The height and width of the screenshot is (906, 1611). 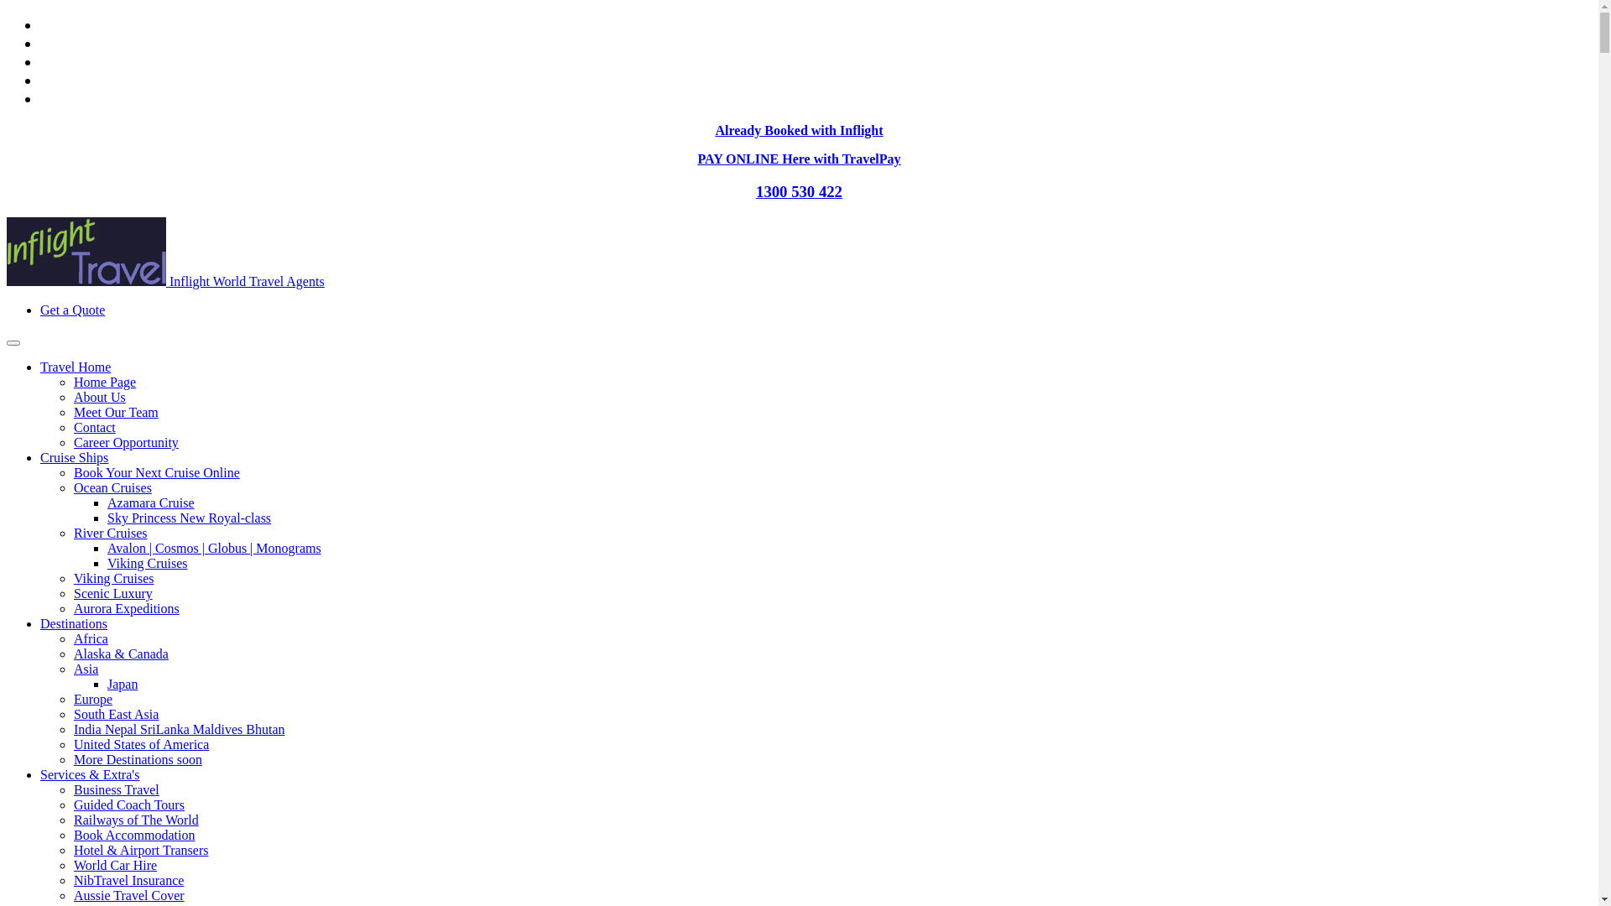 What do you see at coordinates (112, 592) in the screenshot?
I see `'Scenic Luxury'` at bounding box center [112, 592].